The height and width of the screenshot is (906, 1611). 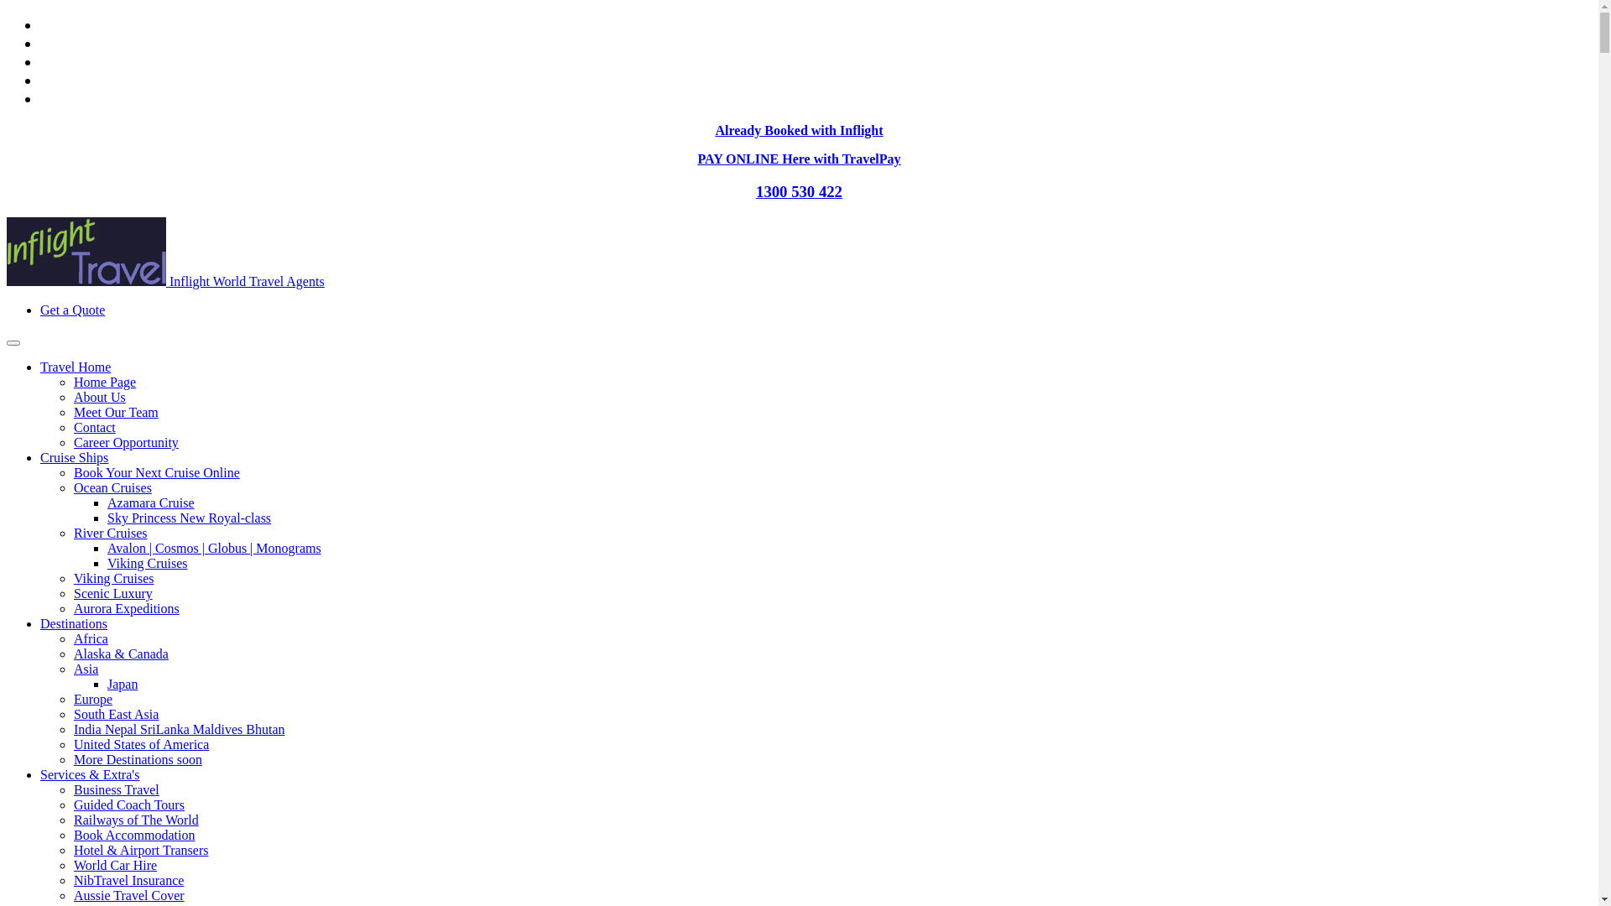 What do you see at coordinates (112, 592) in the screenshot?
I see `'Scenic Luxury'` at bounding box center [112, 592].